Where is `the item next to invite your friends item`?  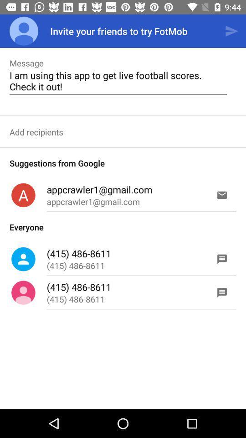
the item next to invite your friends item is located at coordinates (24, 31).